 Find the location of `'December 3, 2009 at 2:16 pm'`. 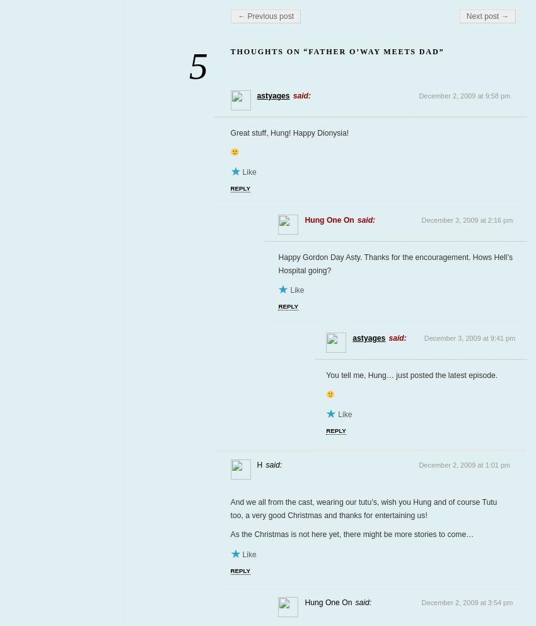

'December 3, 2009 at 2:16 pm' is located at coordinates (467, 219).